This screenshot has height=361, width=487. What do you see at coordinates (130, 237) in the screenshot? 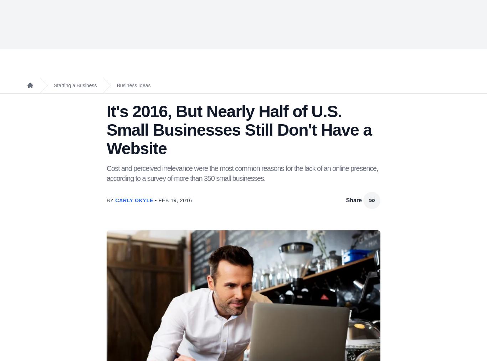
I see `'Business News'` at bounding box center [130, 237].